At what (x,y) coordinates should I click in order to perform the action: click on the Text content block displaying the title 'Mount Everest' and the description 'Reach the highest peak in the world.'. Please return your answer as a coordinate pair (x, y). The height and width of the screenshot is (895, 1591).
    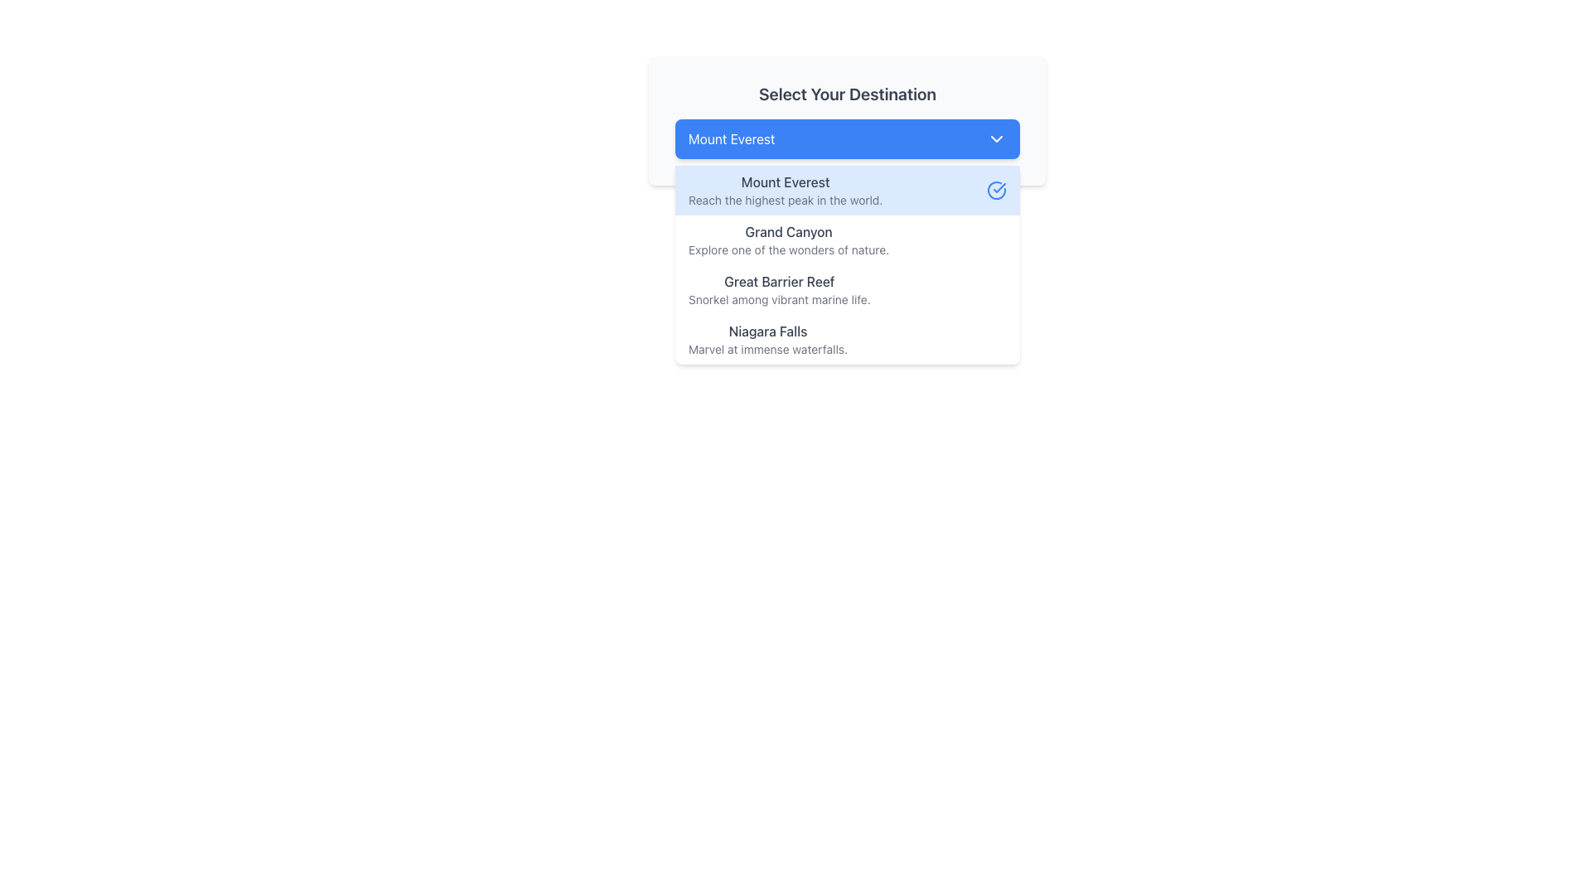
    Looking at the image, I should click on (785, 190).